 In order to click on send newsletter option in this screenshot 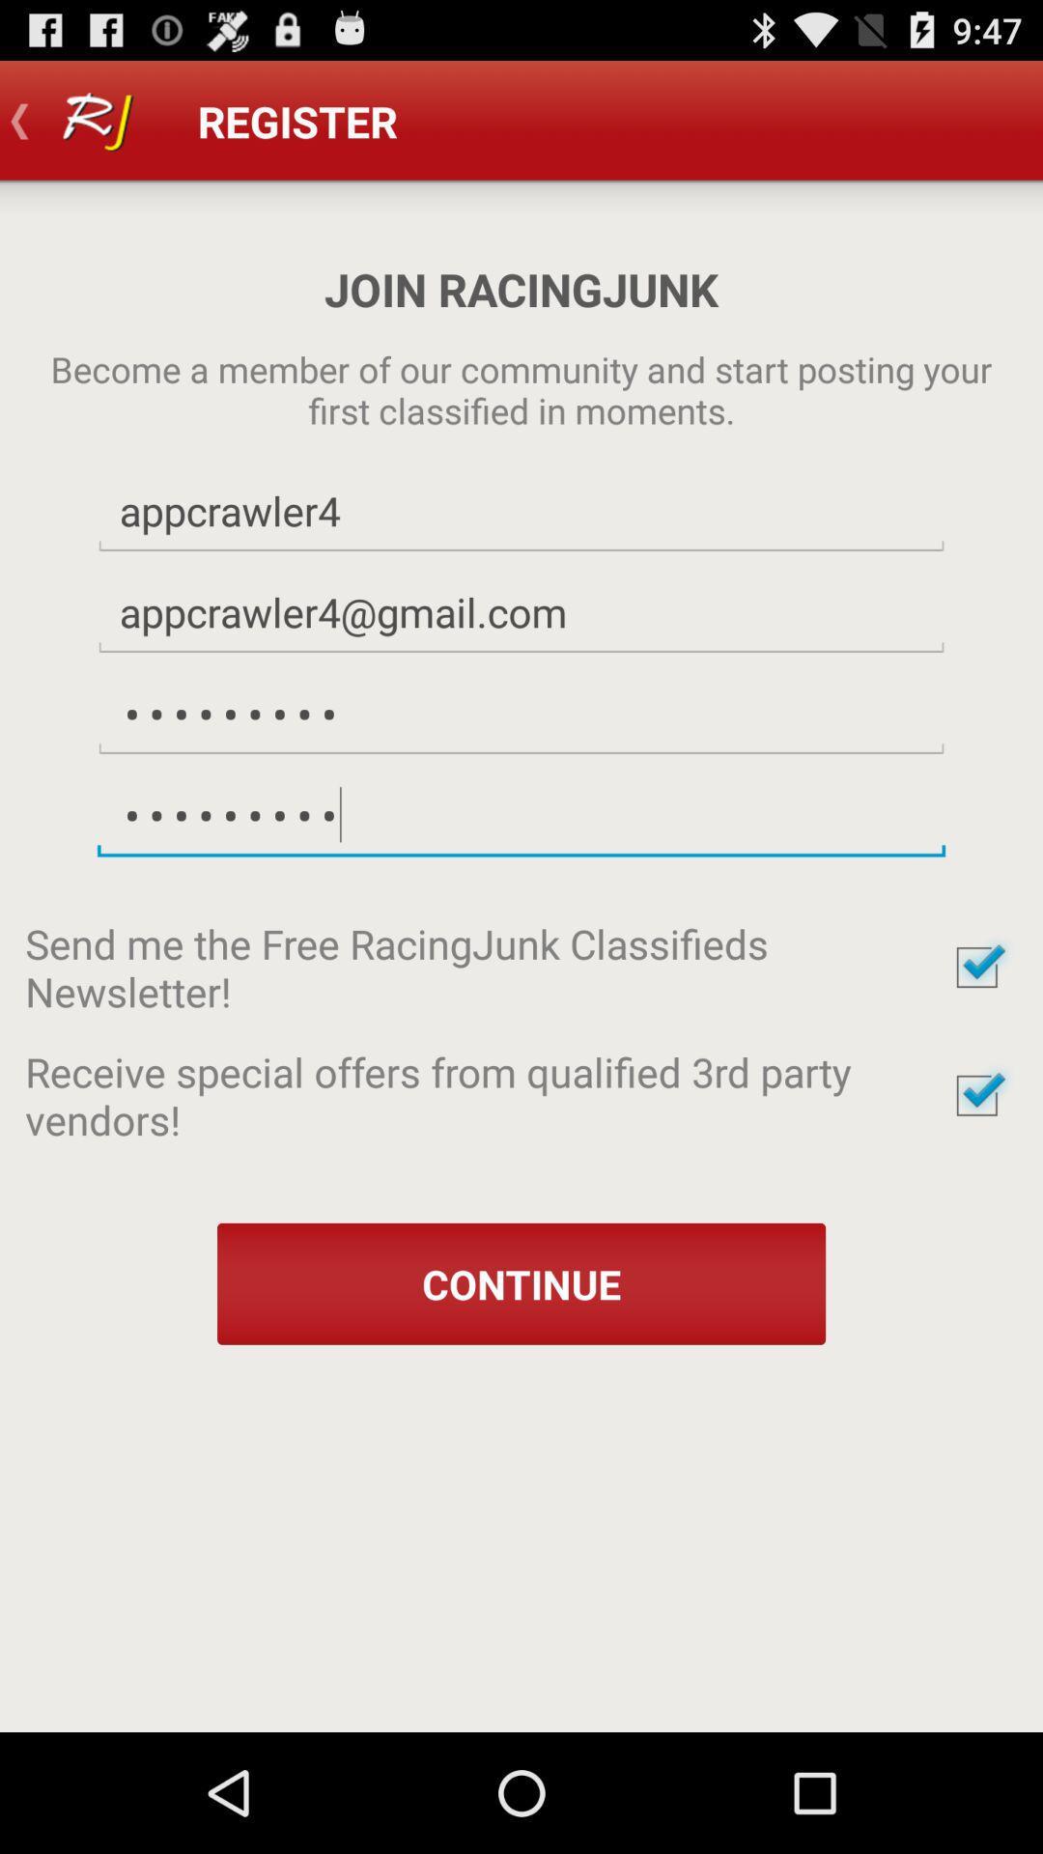, I will do `click(976, 968)`.